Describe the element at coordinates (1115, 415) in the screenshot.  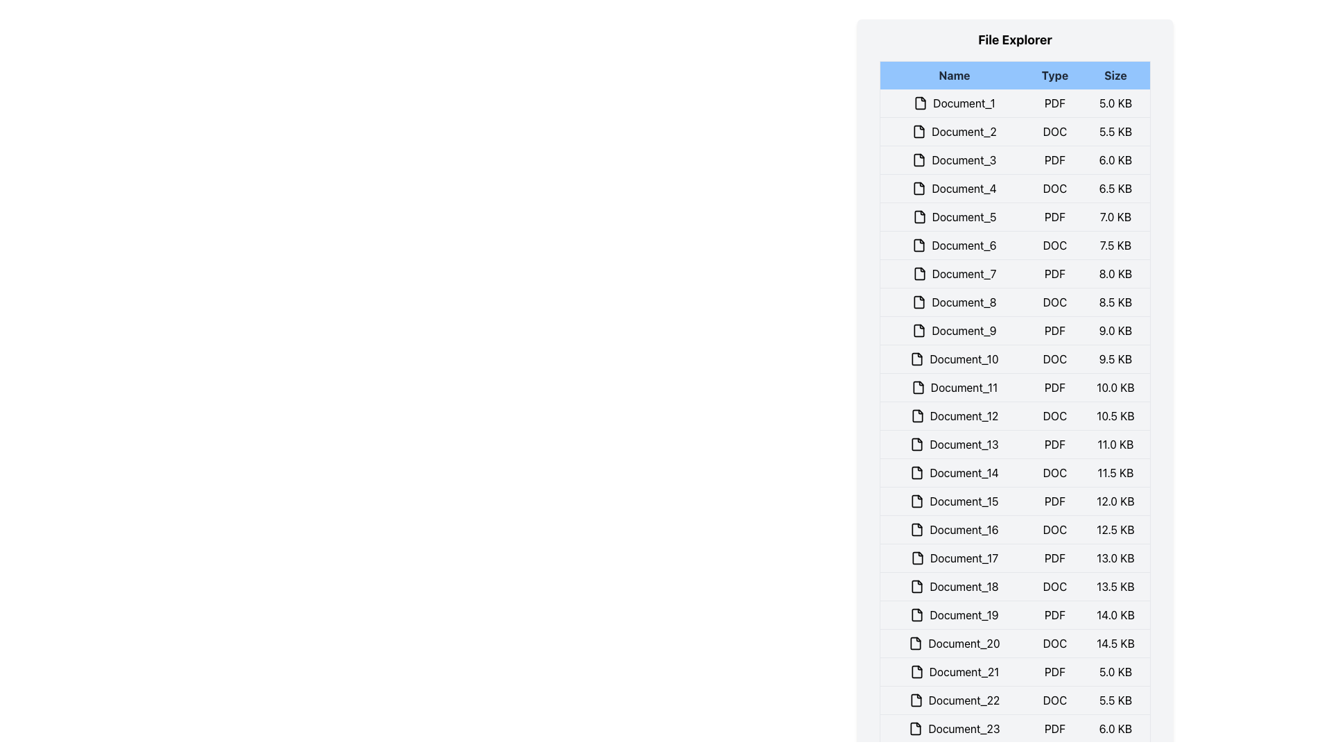
I see `the text label displaying '10.5 KB' that is part of the file explorer interface under the 'Size' column for 'Document_12'` at that location.